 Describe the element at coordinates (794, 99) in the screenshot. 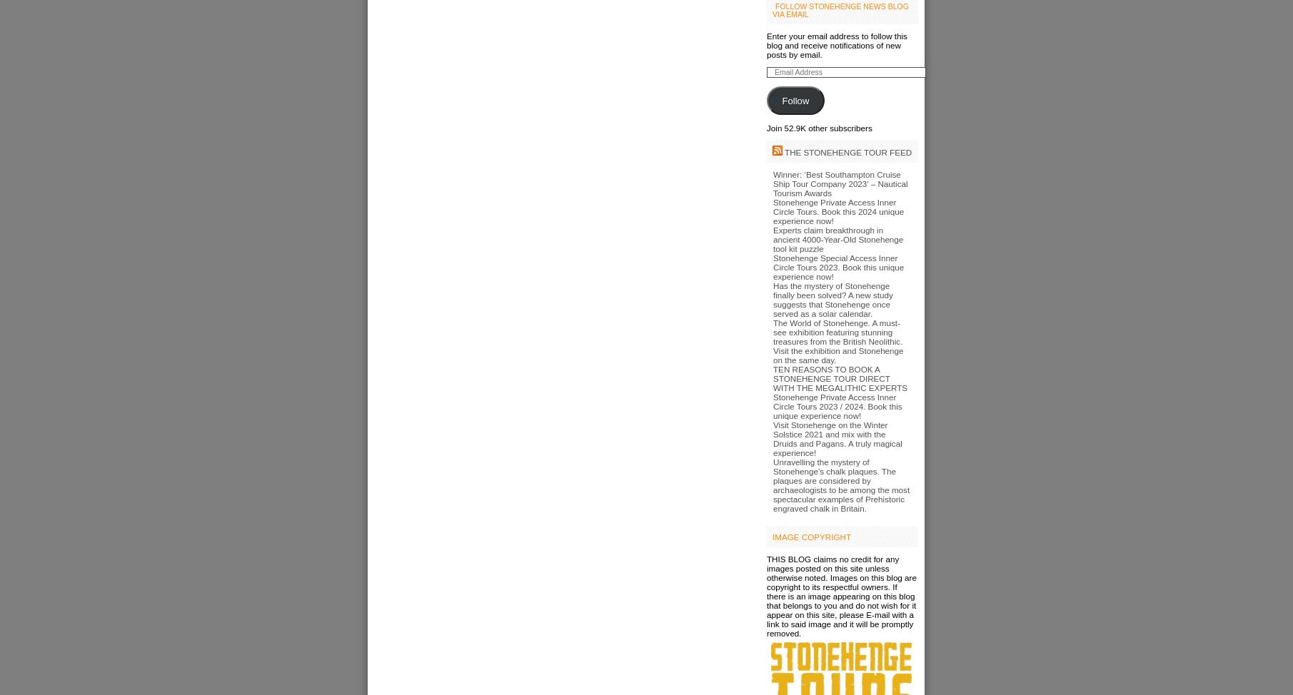

I see `'Follow'` at that location.